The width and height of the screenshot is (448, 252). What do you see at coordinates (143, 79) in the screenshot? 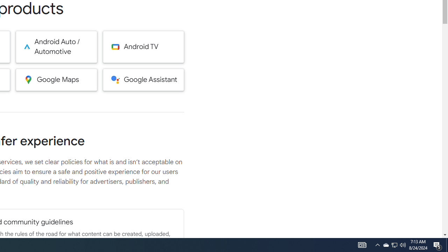
I see `'Google Assistant'` at bounding box center [143, 79].